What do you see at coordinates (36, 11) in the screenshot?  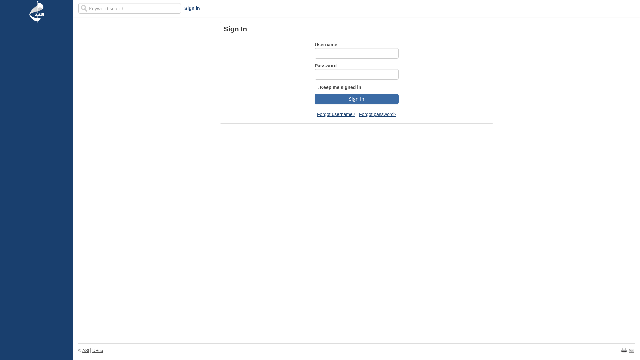 I see `'iMIS'` at bounding box center [36, 11].